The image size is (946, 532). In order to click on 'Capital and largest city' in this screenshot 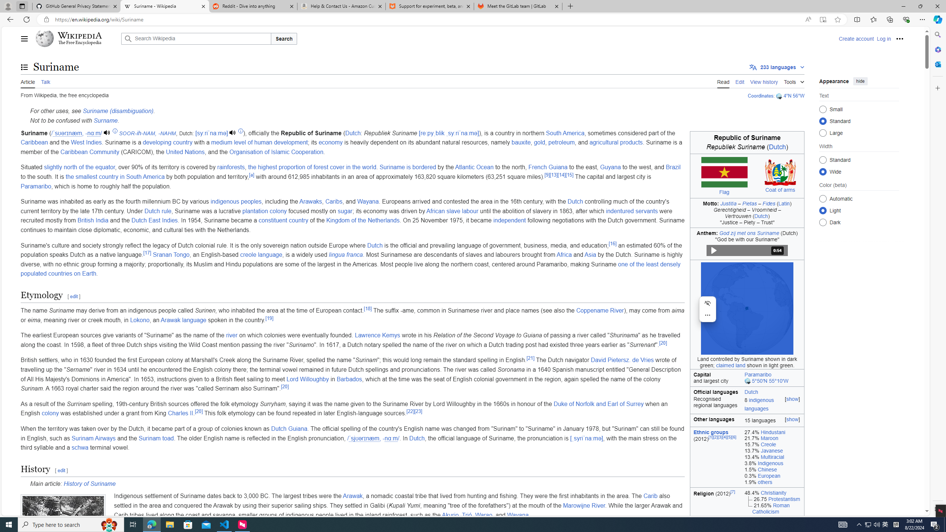, I will do `click(715, 378)`.